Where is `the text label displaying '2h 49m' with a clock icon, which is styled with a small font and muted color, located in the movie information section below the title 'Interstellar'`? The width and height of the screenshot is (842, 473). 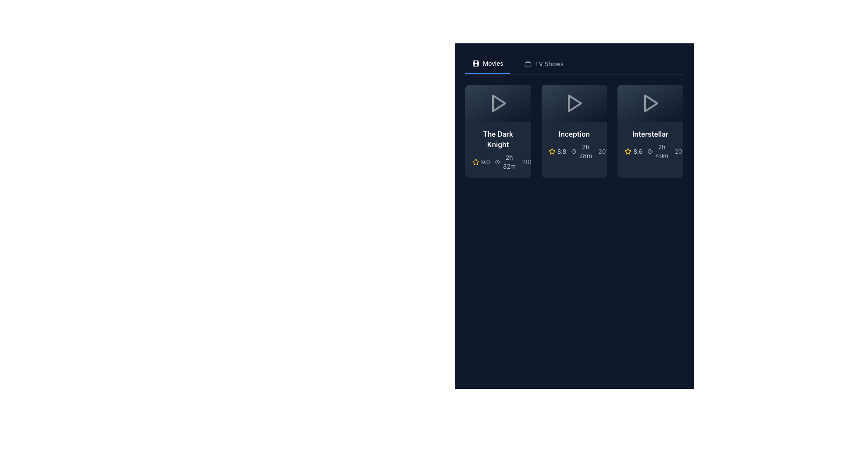 the text label displaying '2h 49m' with a clock icon, which is styled with a small font and muted color, located in the movie information section below the title 'Interstellar' is located at coordinates (658, 151).